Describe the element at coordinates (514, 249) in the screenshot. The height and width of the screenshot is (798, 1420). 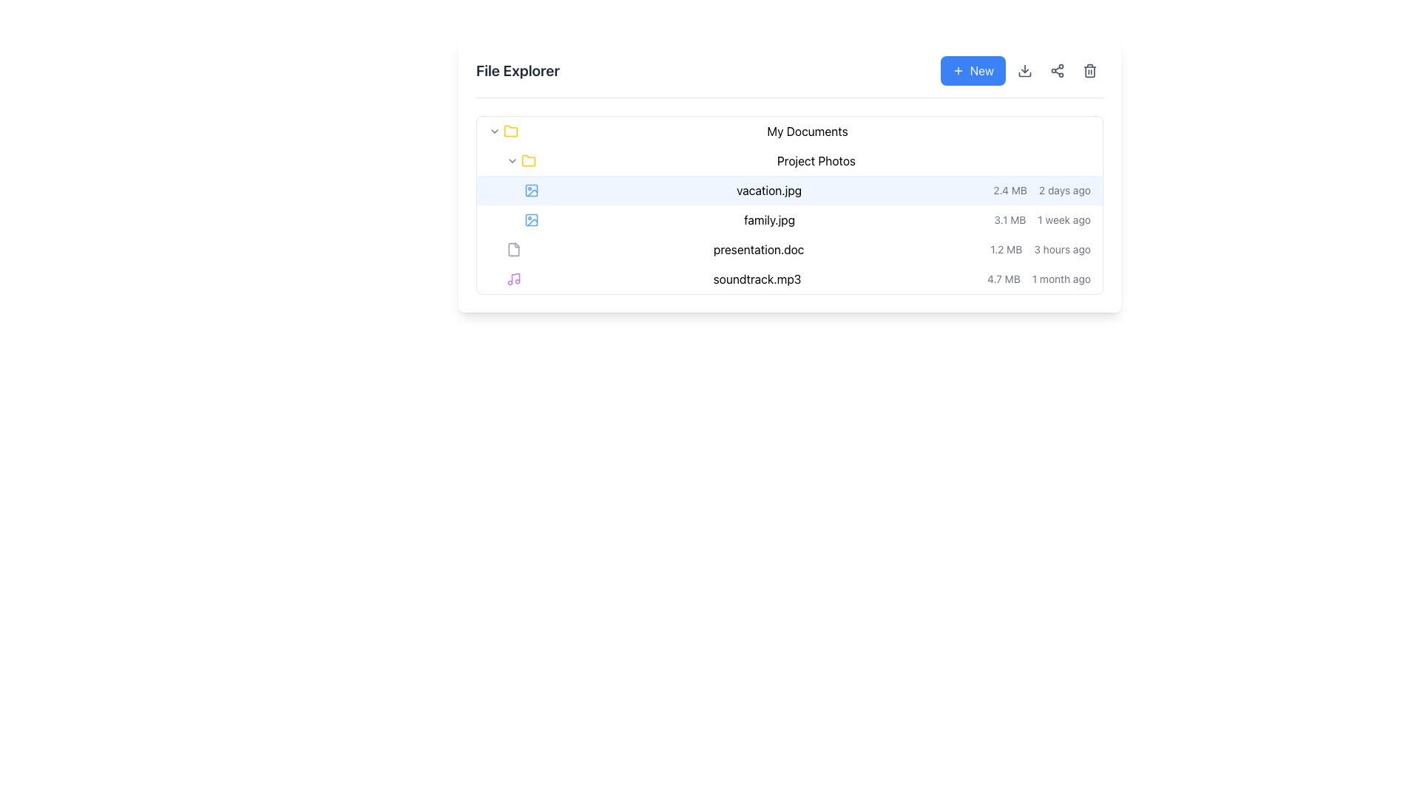
I see `the document icon representing 'presentation.doc'` at that location.